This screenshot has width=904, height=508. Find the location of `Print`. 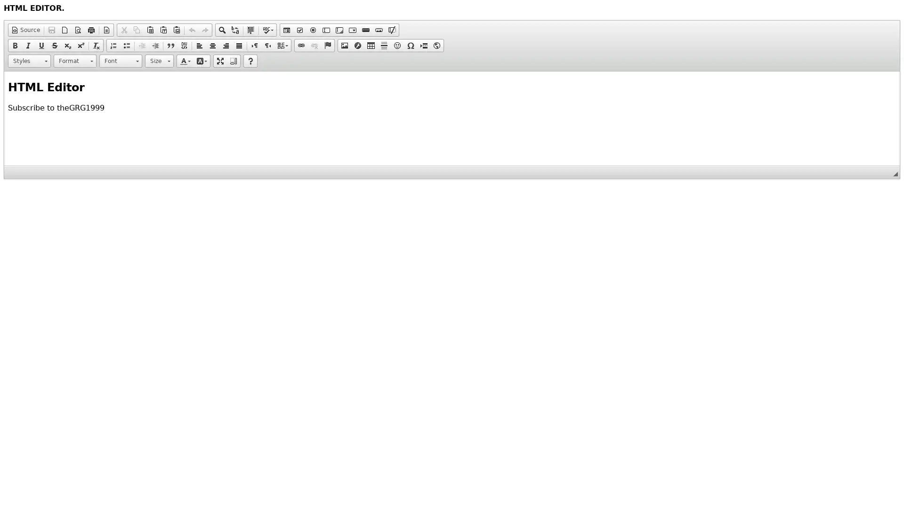

Print is located at coordinates (91, 30).